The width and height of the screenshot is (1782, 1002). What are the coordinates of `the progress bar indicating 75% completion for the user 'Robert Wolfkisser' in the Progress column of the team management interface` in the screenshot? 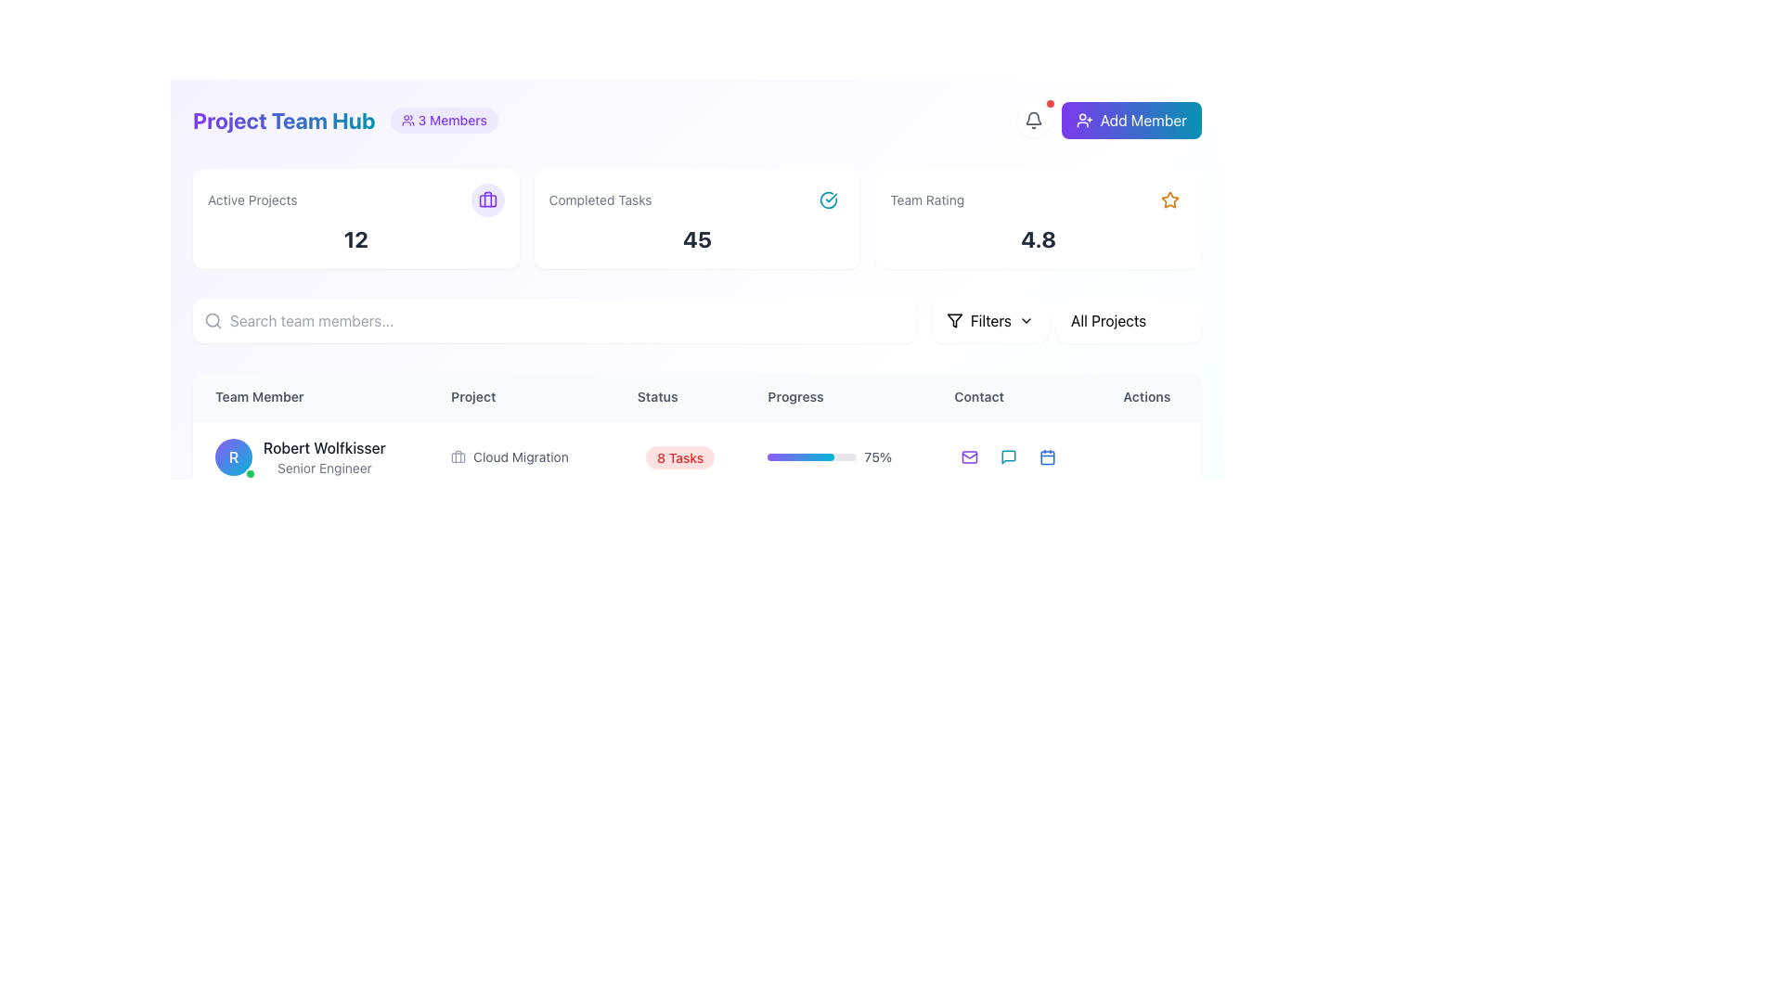 It's located at (837, 457).